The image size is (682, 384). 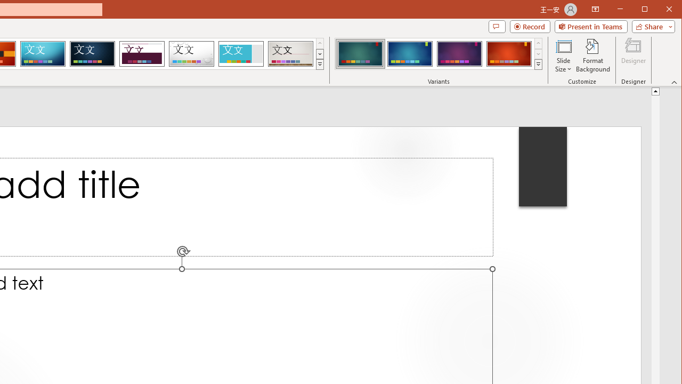 What do you see at coordinates (538, 64) in the screenshot?
I see `'Variants'` at bounding box center [538, 64].